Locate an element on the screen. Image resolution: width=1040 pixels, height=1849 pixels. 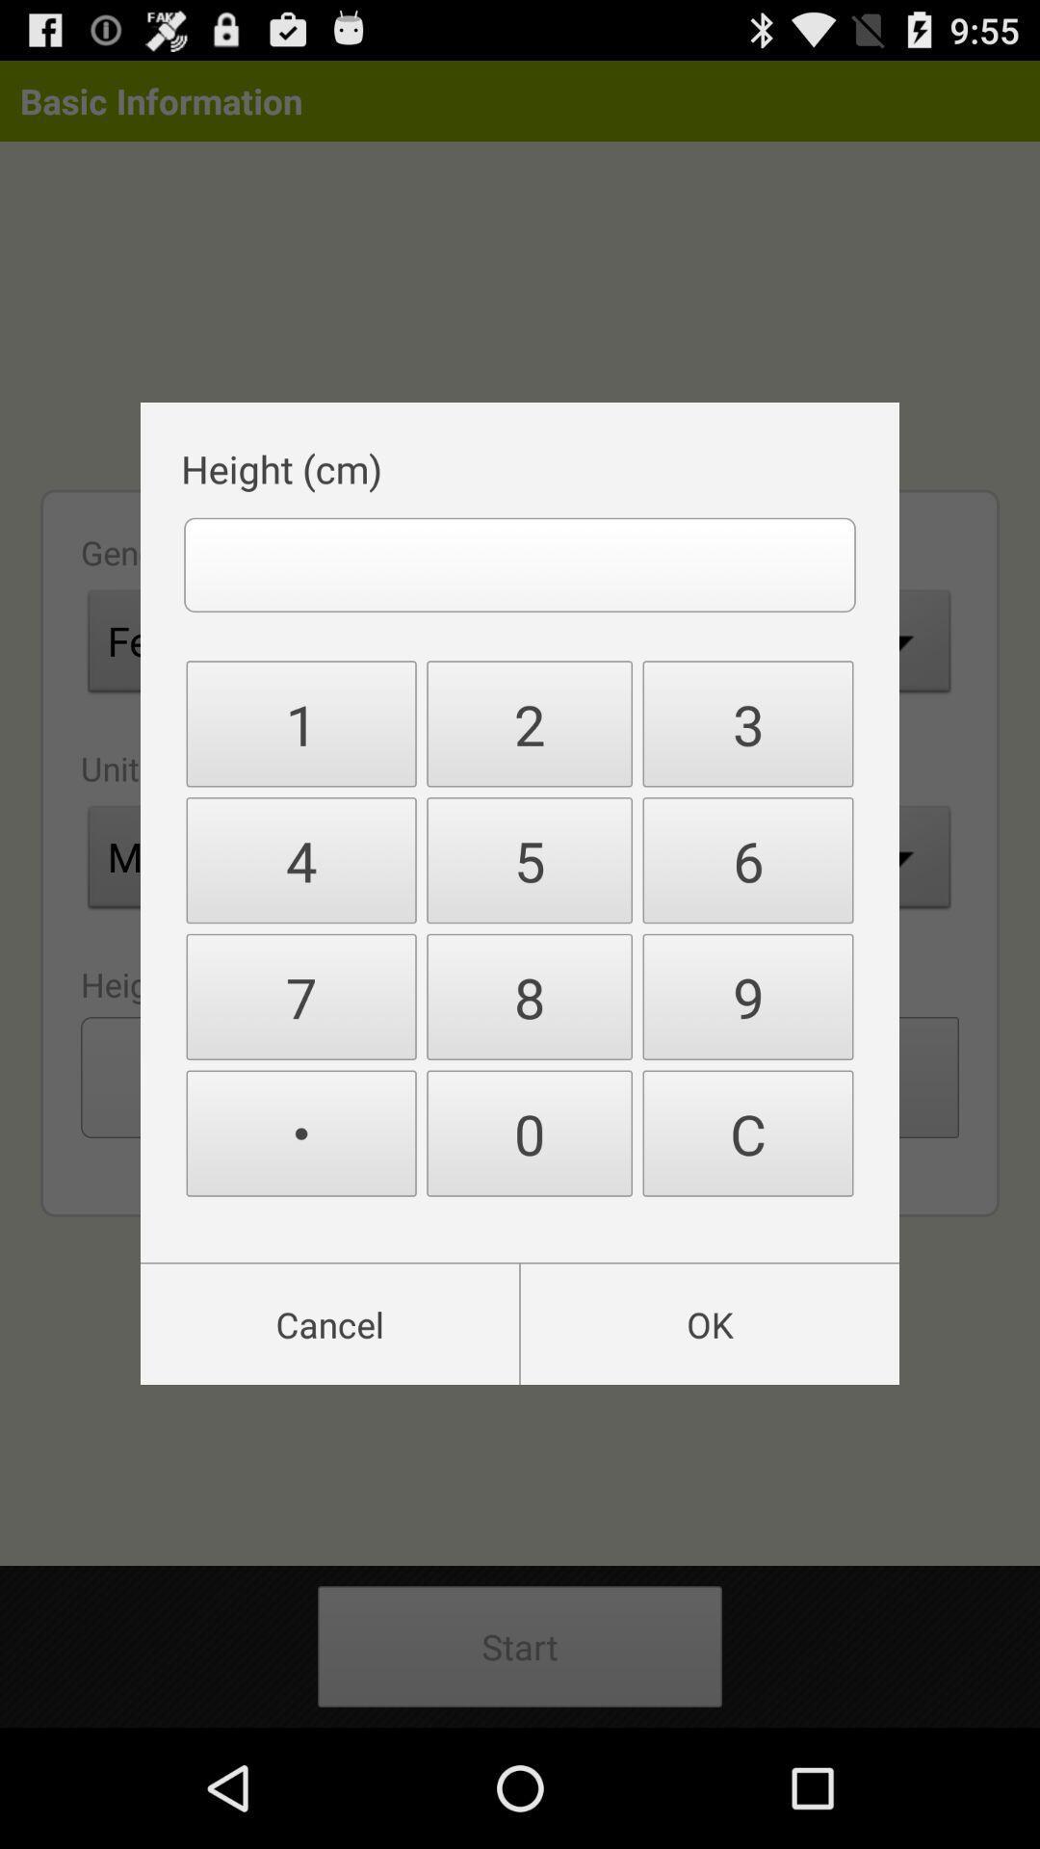
the button next to 4 button is located at coordinates (530, 997).